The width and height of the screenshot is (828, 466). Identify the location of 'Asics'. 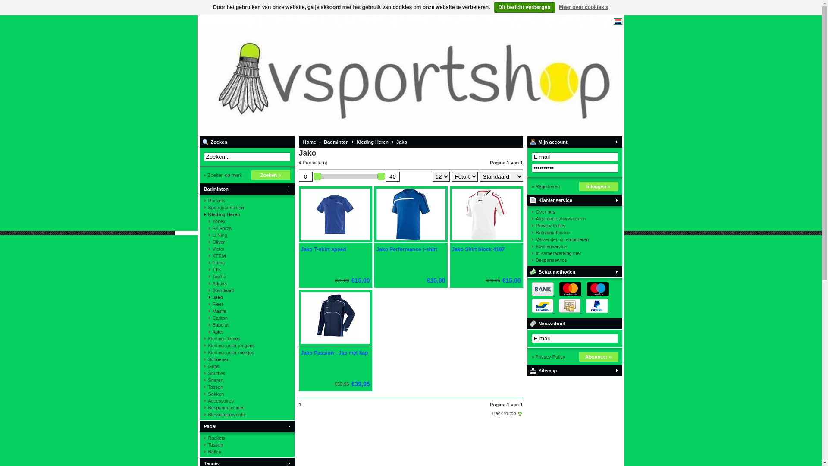
(203, 331).